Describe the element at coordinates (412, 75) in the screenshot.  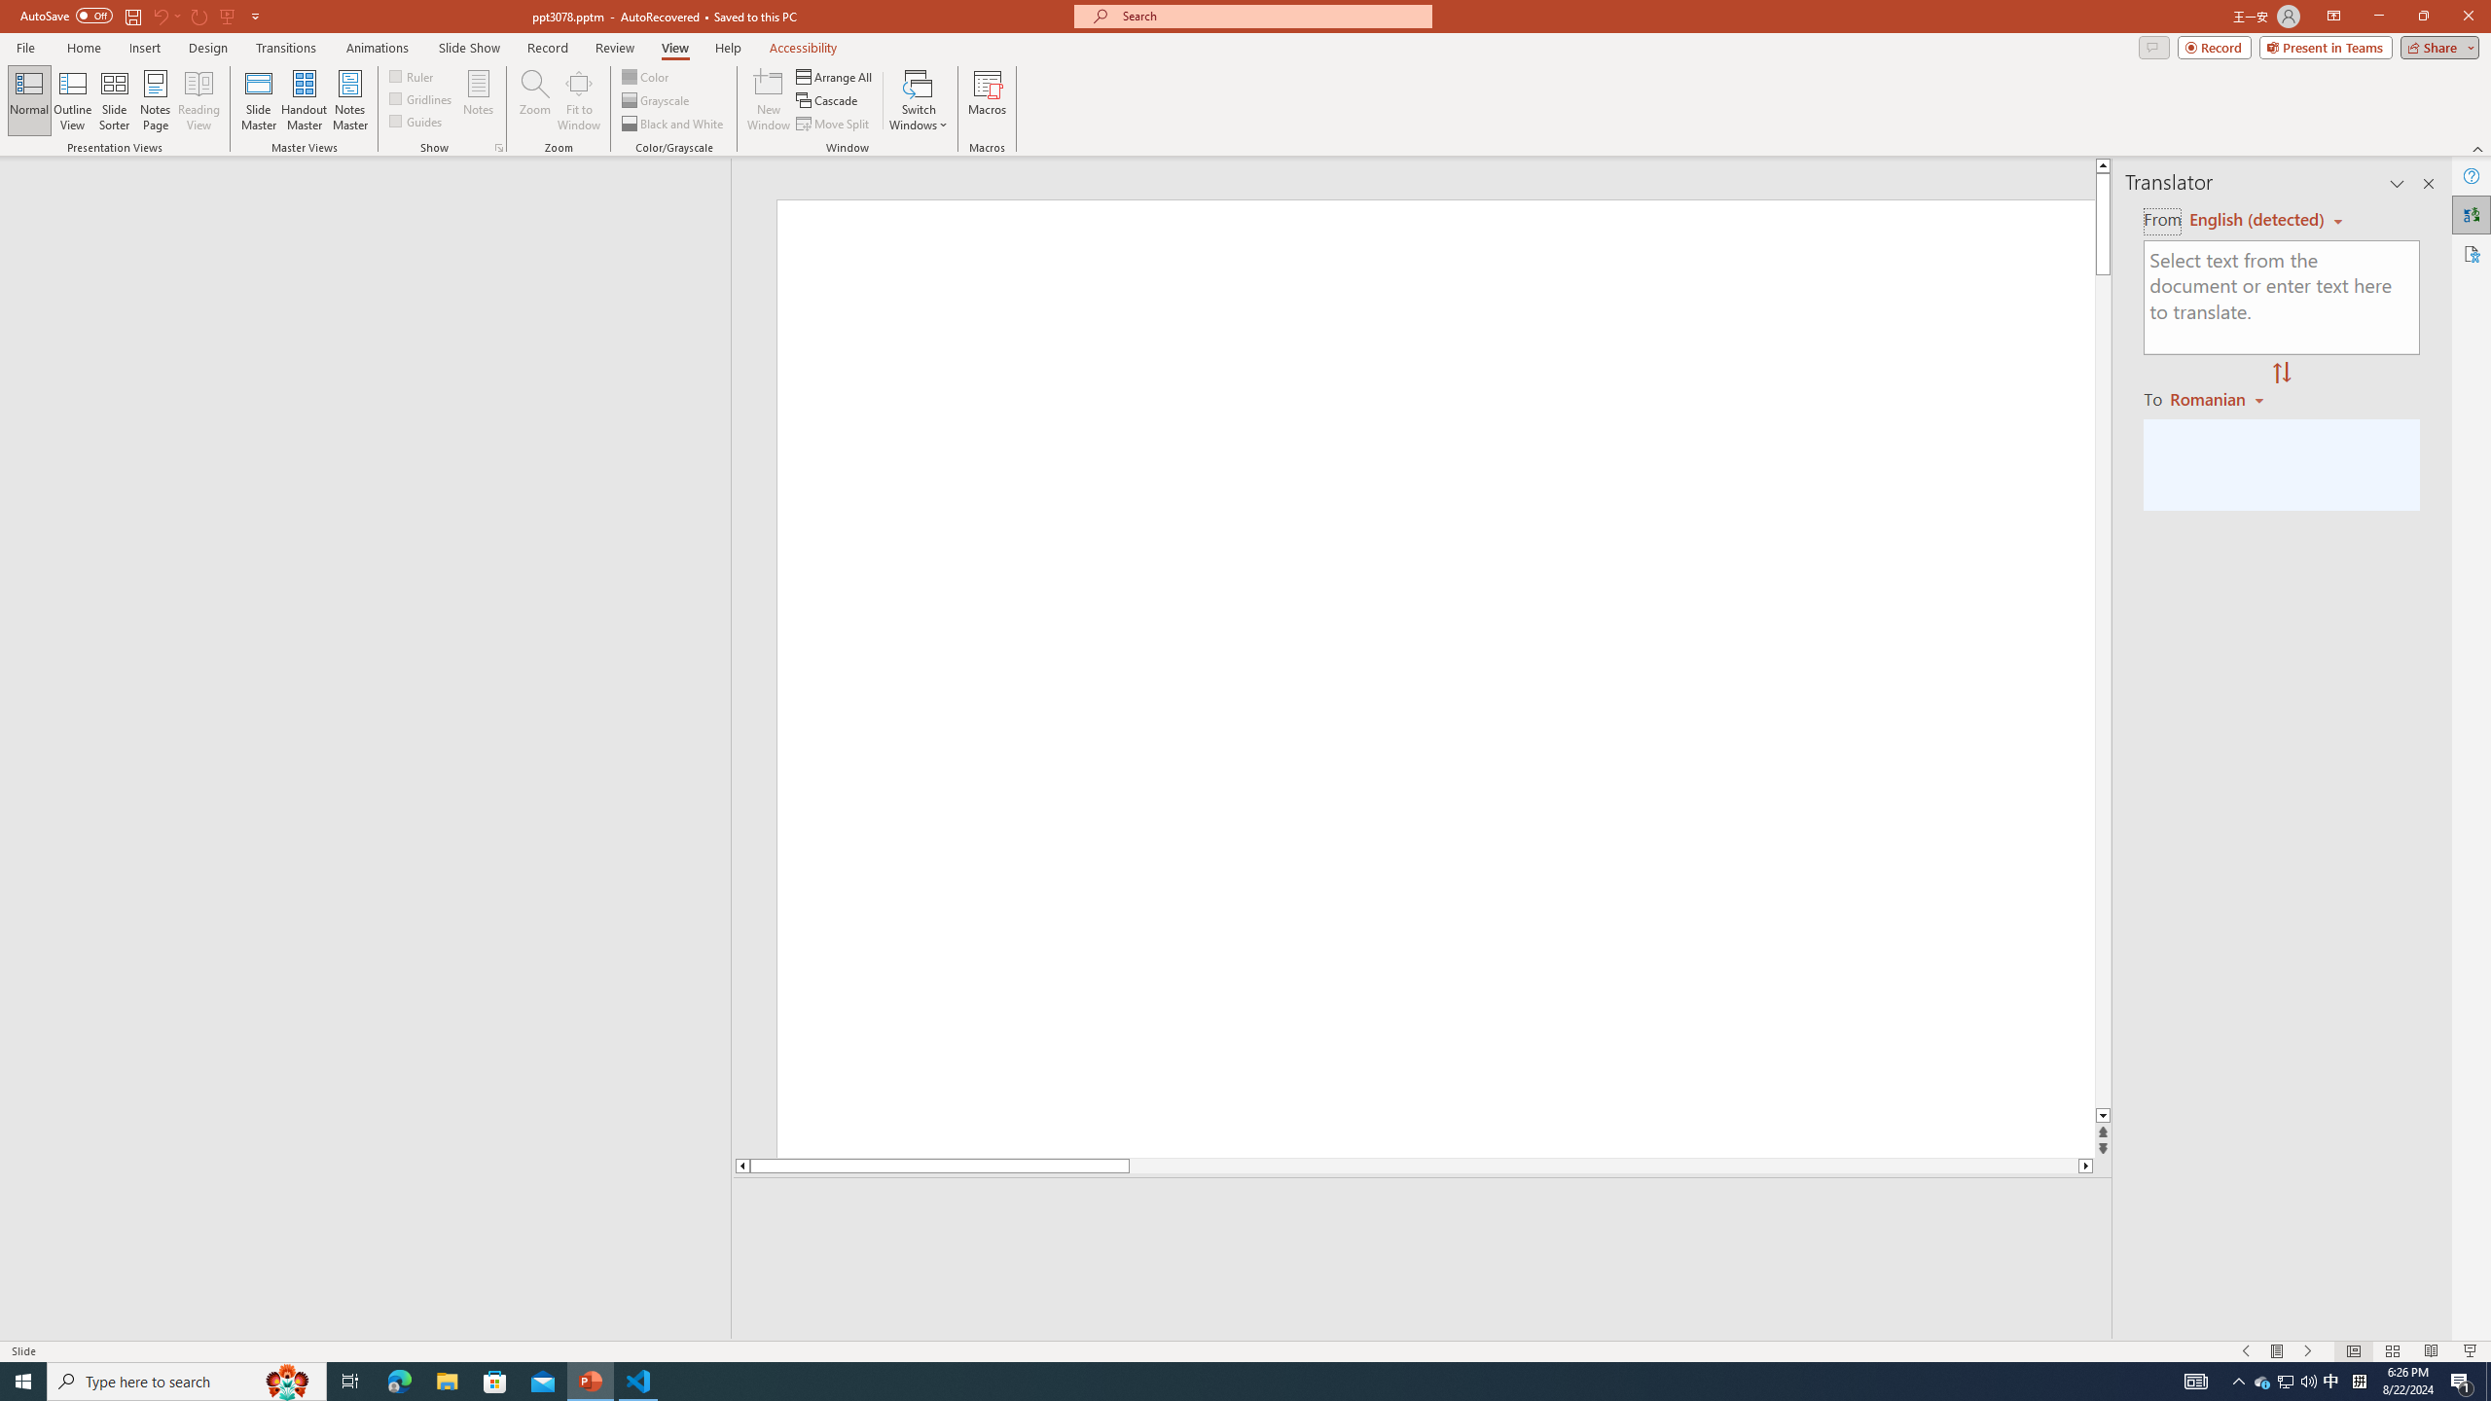
I see `'Ruler'` at that location.